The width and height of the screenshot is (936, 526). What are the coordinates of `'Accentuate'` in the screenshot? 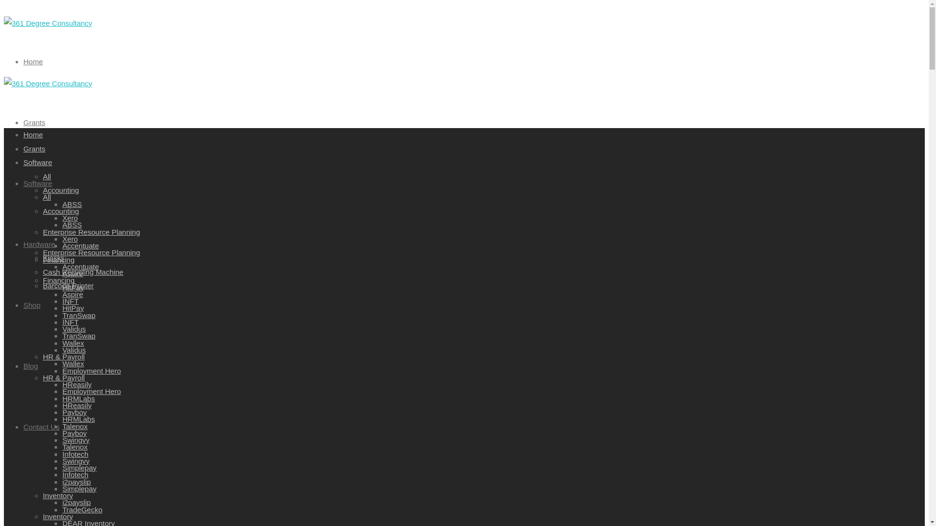 It's located at (80, 245).